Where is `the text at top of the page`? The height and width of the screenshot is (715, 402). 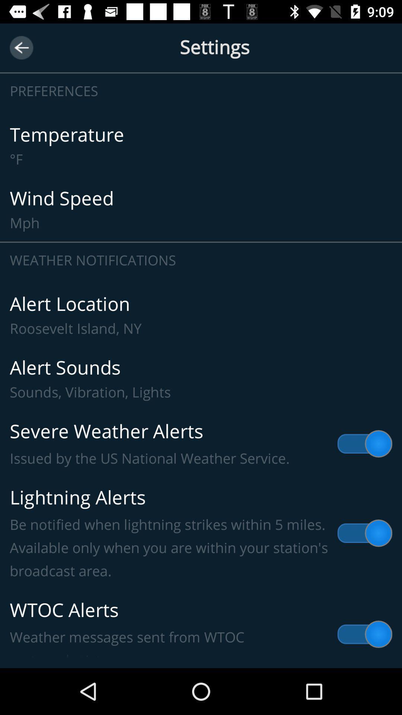
the text at top of the page is located at coordinates (201, 55).